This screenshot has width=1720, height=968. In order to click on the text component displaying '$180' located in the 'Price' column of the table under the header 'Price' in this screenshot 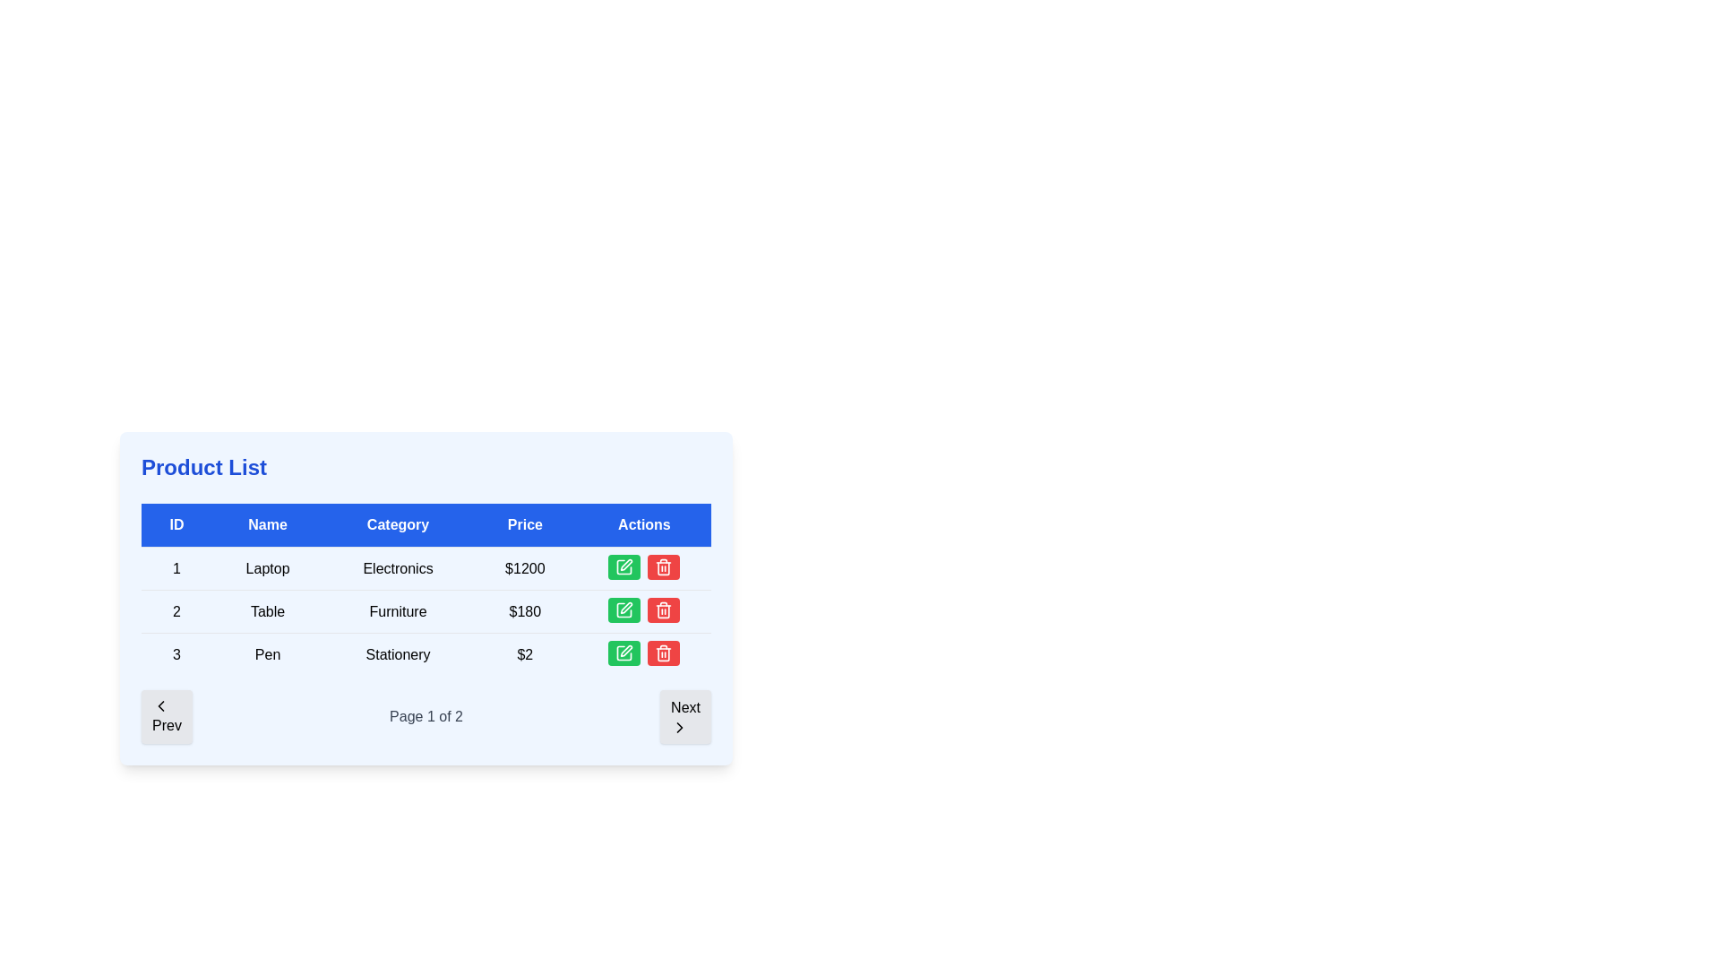, I will do `click(524, 610)`.